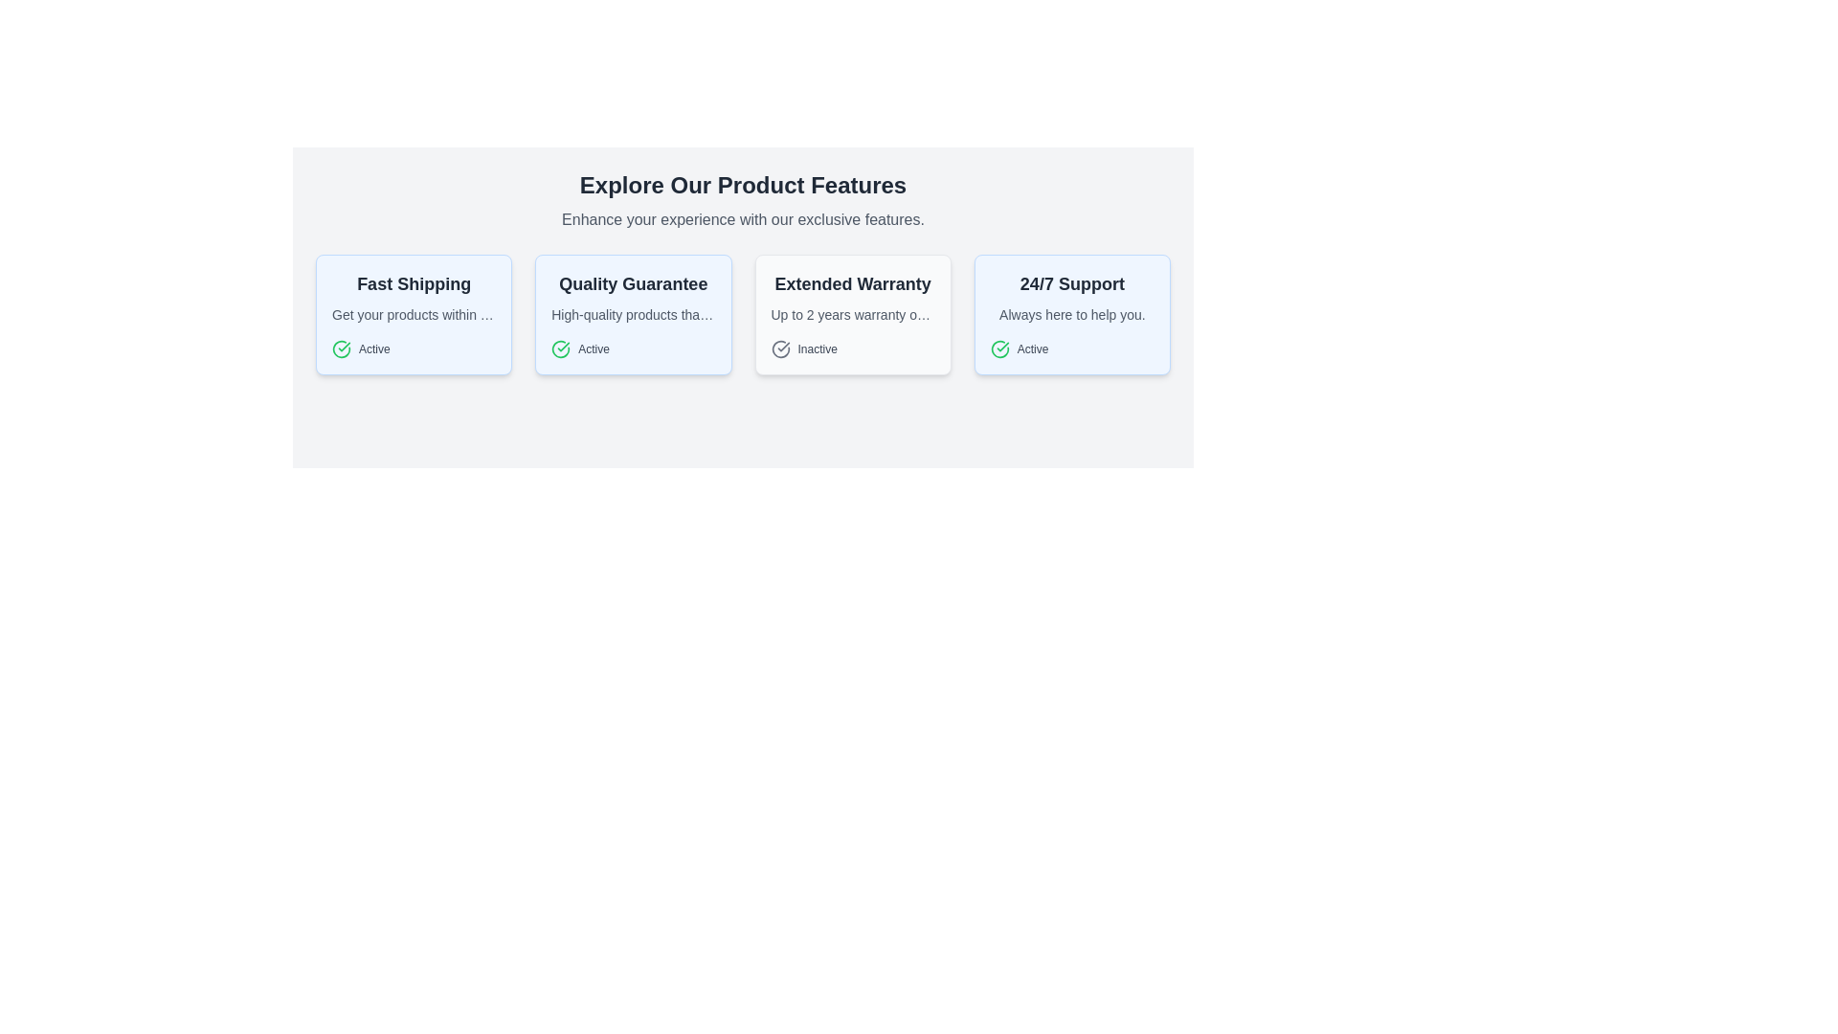 This screenshot has width=1838, height=1034. I want to click on the first card in the grid layout that conveys the feature of fast shipping within 2-3 business days, as it has interactions, so click(413, 313).